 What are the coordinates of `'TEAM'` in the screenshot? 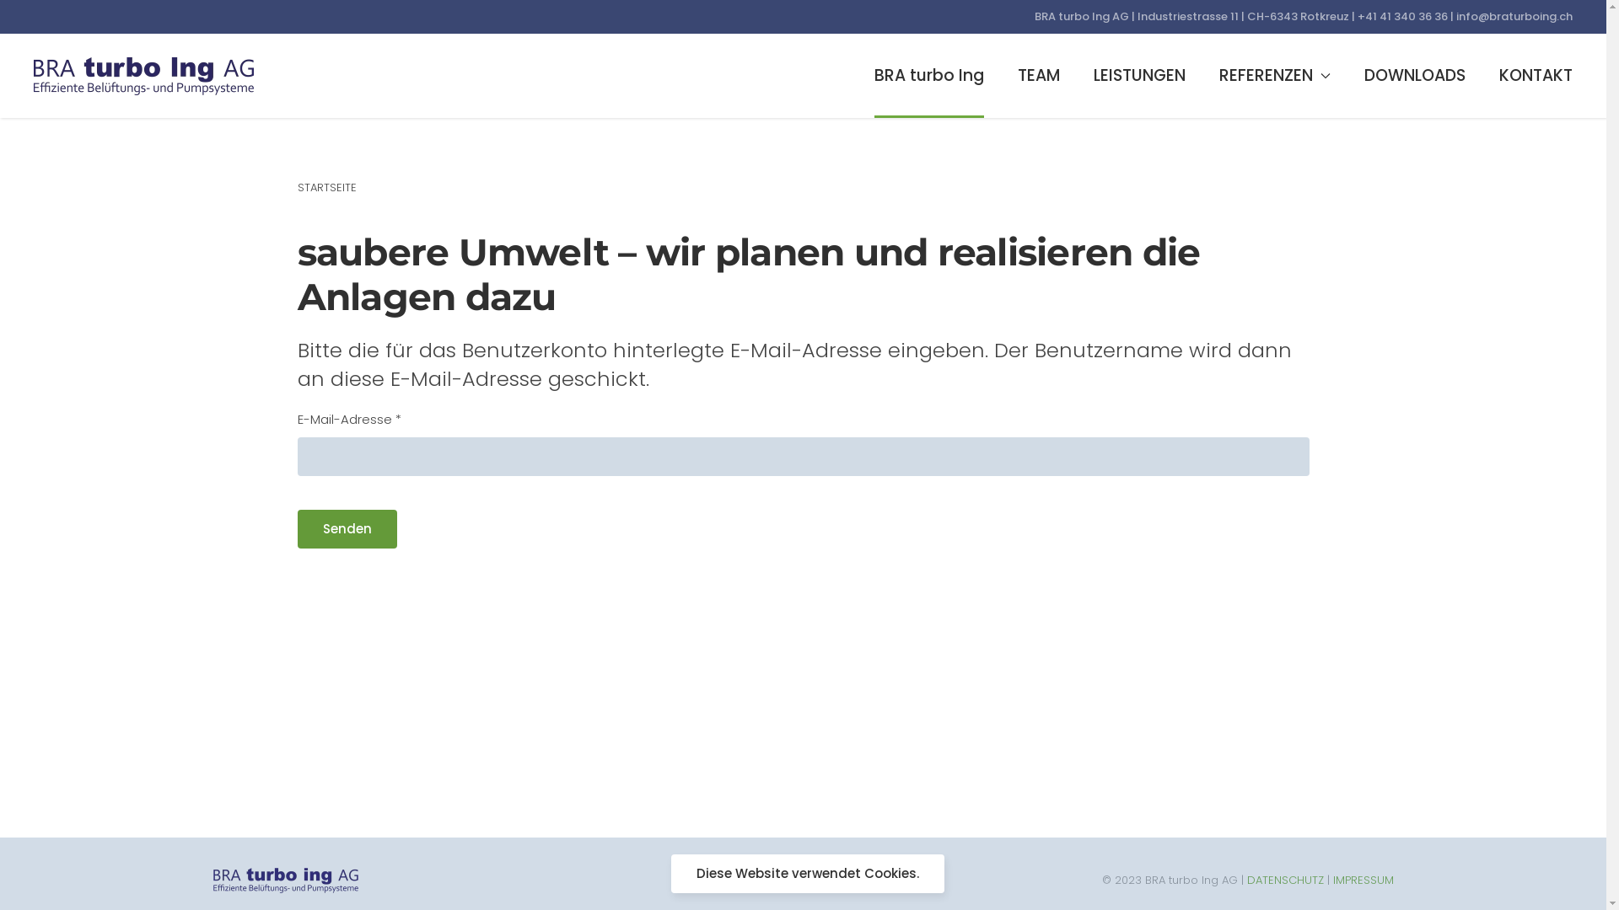 It's located at (1038, 74).